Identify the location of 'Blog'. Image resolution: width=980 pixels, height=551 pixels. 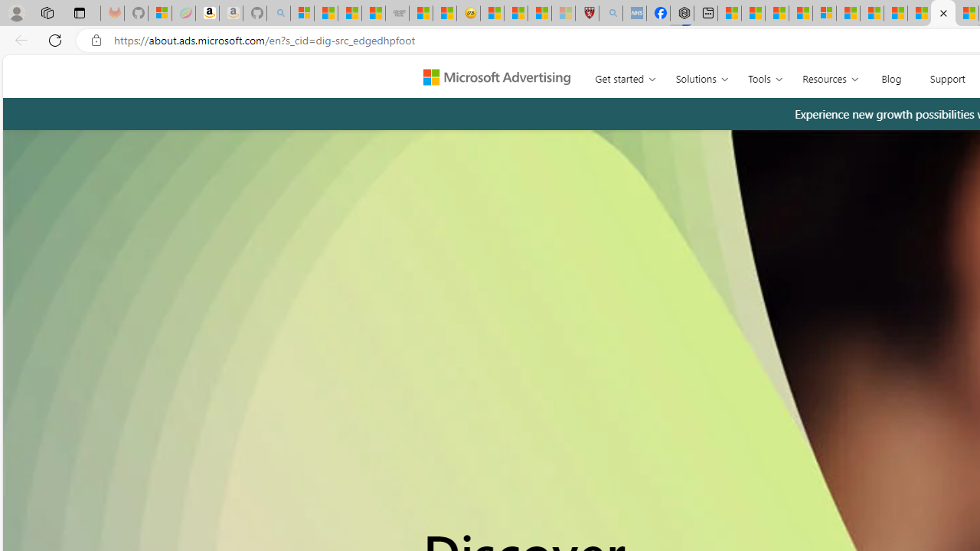
(891, 76).